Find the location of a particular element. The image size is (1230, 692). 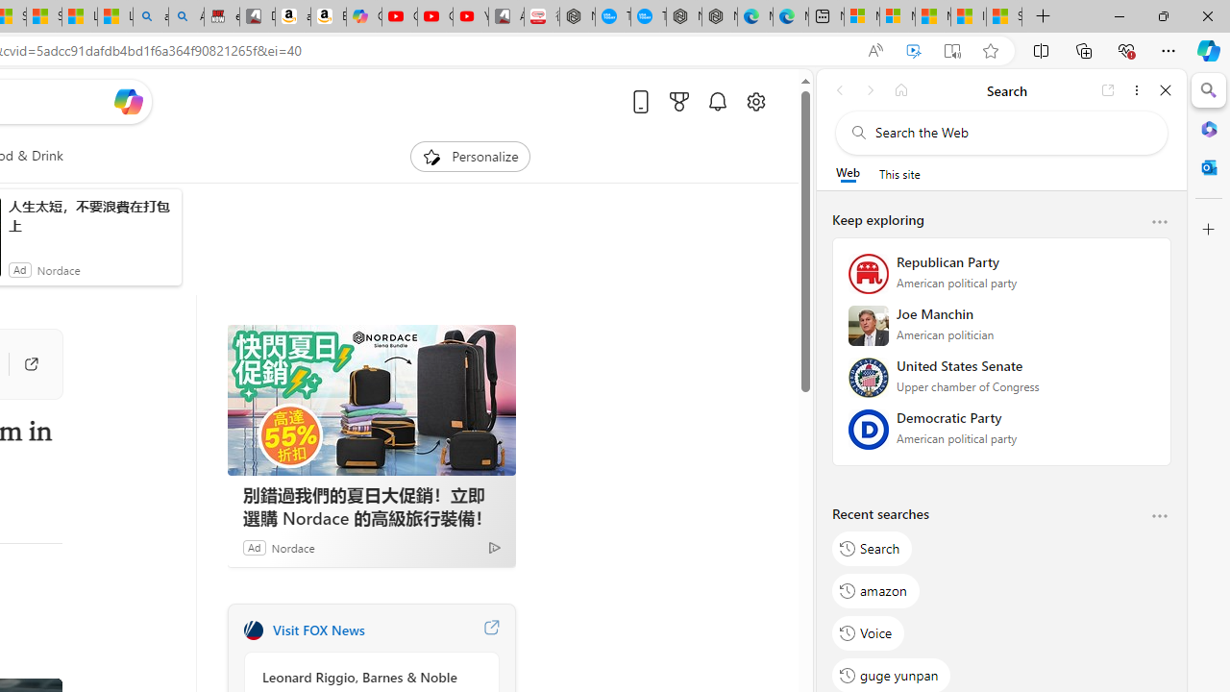

'Joe Manchin American politician' is located at coordinates (1000, 331).